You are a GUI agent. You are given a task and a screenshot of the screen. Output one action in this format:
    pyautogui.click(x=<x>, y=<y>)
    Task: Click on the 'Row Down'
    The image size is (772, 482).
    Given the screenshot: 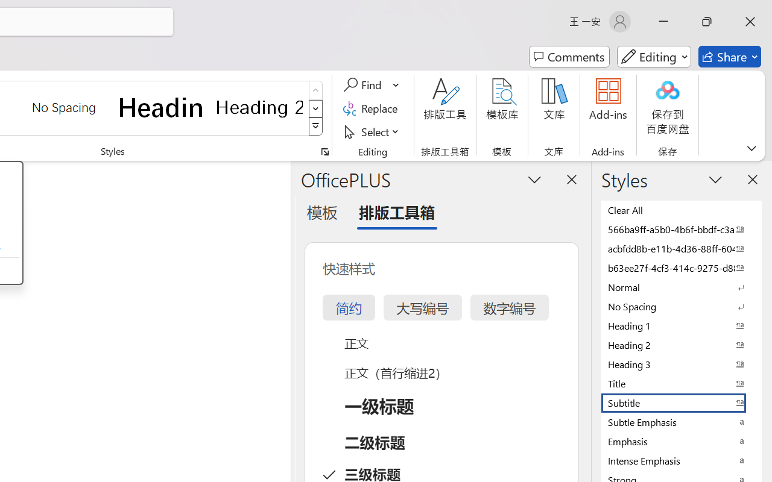 What is the action you would take?
    pyautogui.click(x=315, y=108)
    